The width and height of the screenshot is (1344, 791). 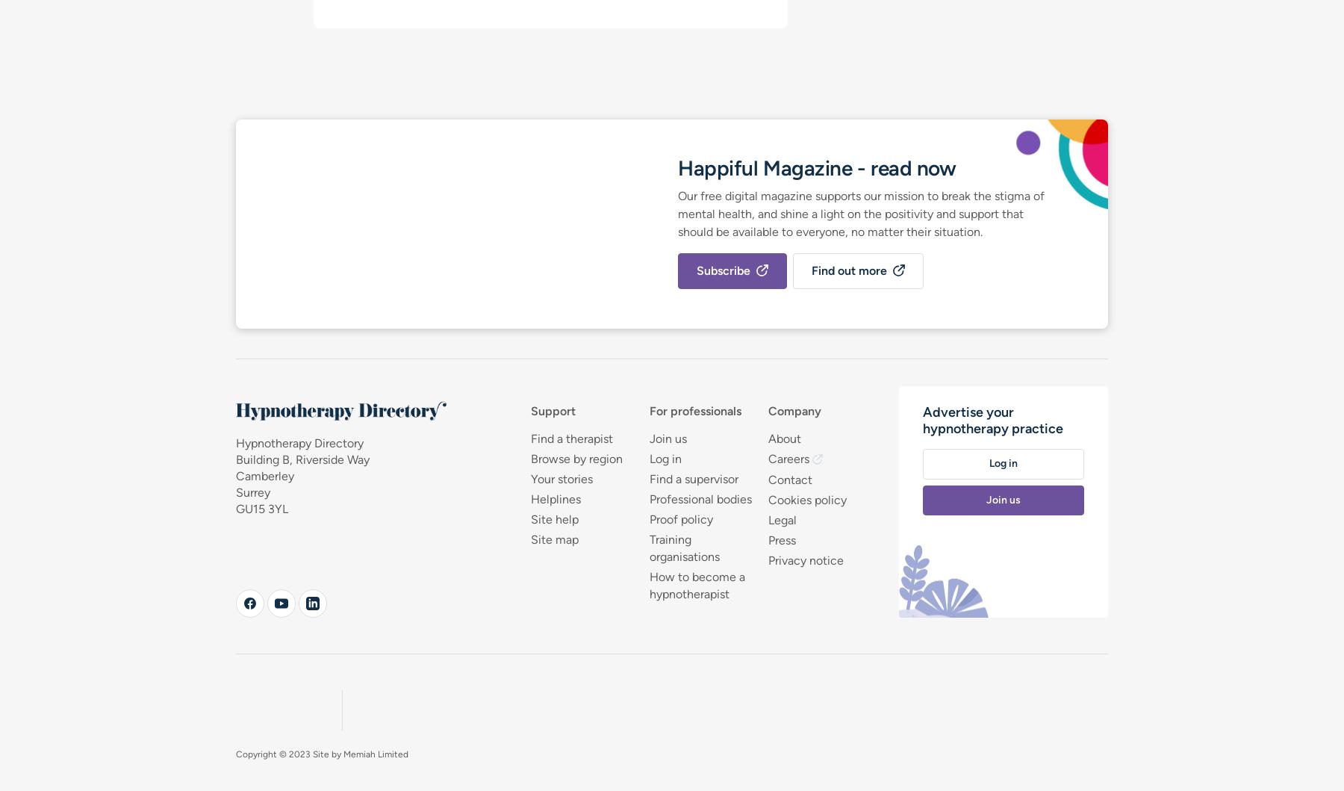 What do you see at coordinates (252, 492) in the screenshot?
I see `'Surrey'` at bounding box center [252, 492].